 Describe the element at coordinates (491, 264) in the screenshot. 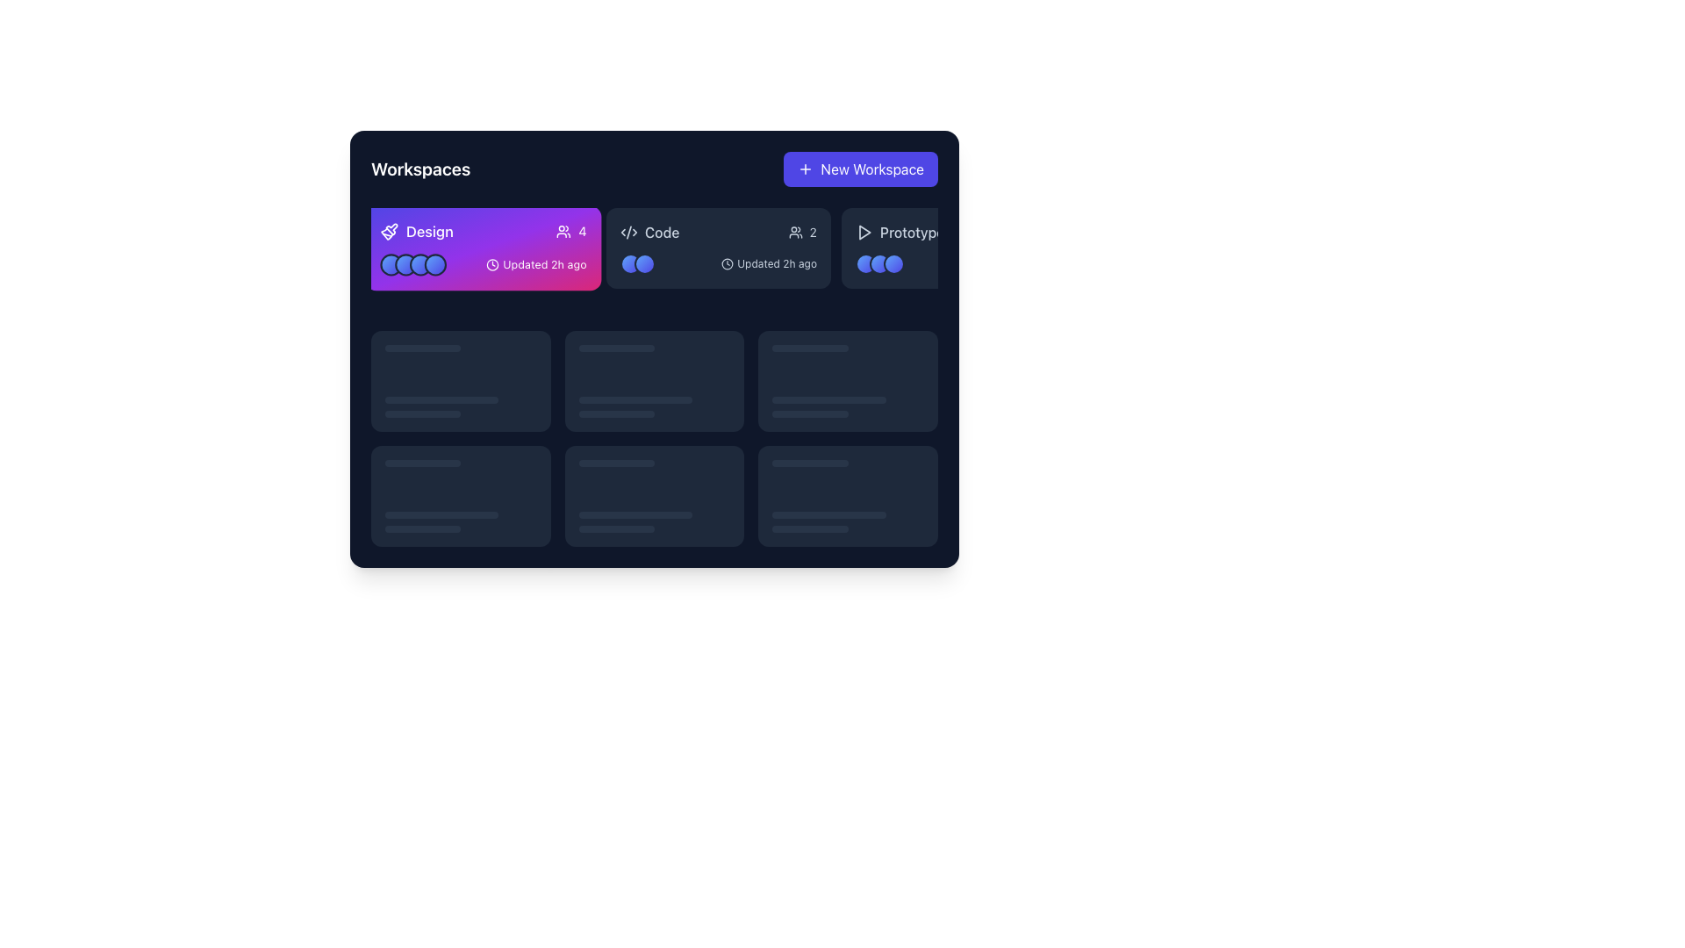

I see `the decorative time icon located to the left of the 'Updated 2h ago' text in the 'Design' section card within the 'Workspaces' interface` at that location.